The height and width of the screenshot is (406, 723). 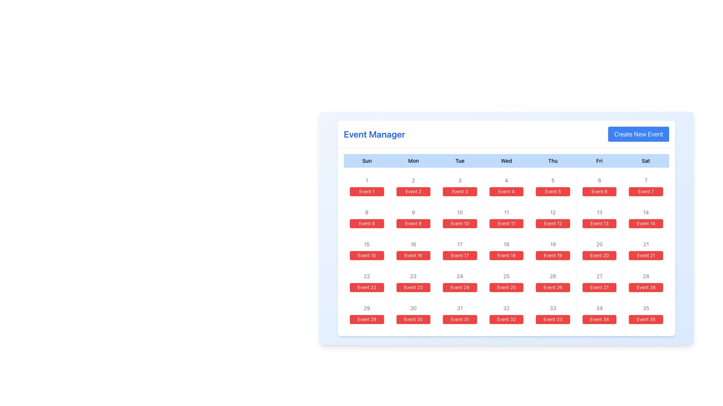 I want to click on the 'Mon' text label, which is styled in a medium-weight font and located in a light-blue box, positioned between 'Sun' and 'Tue', so click(x=413, y=161).